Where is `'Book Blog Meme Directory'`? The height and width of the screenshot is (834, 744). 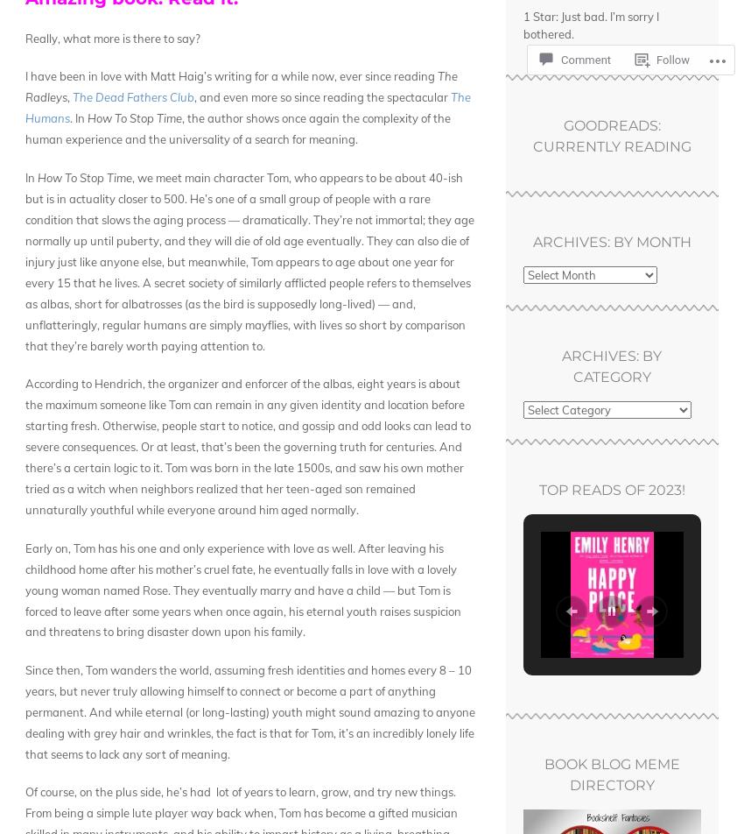
'Book Blog Meme Directory' is located at coordinates (610, 774).